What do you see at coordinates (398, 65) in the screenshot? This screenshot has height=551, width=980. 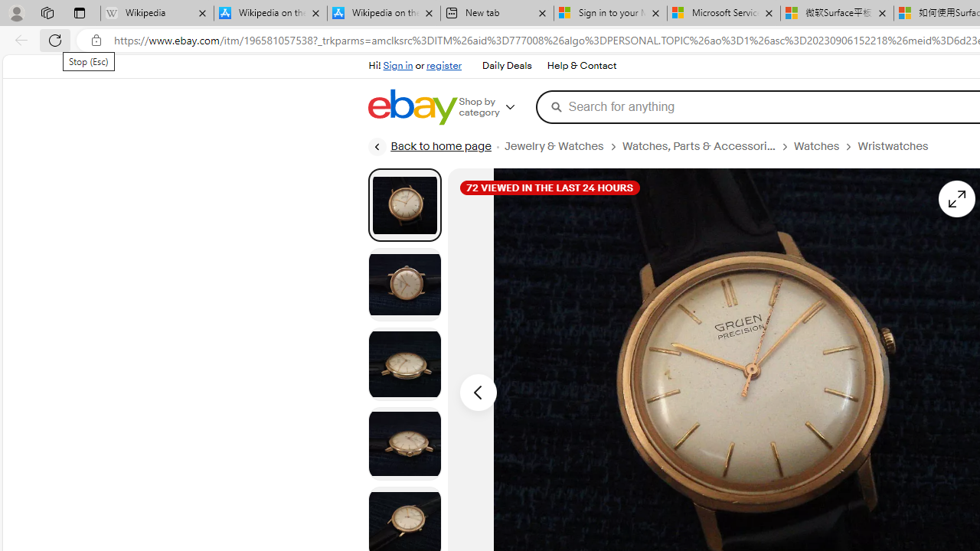 I see `'Sign in'` at bounding box center [398, 65].